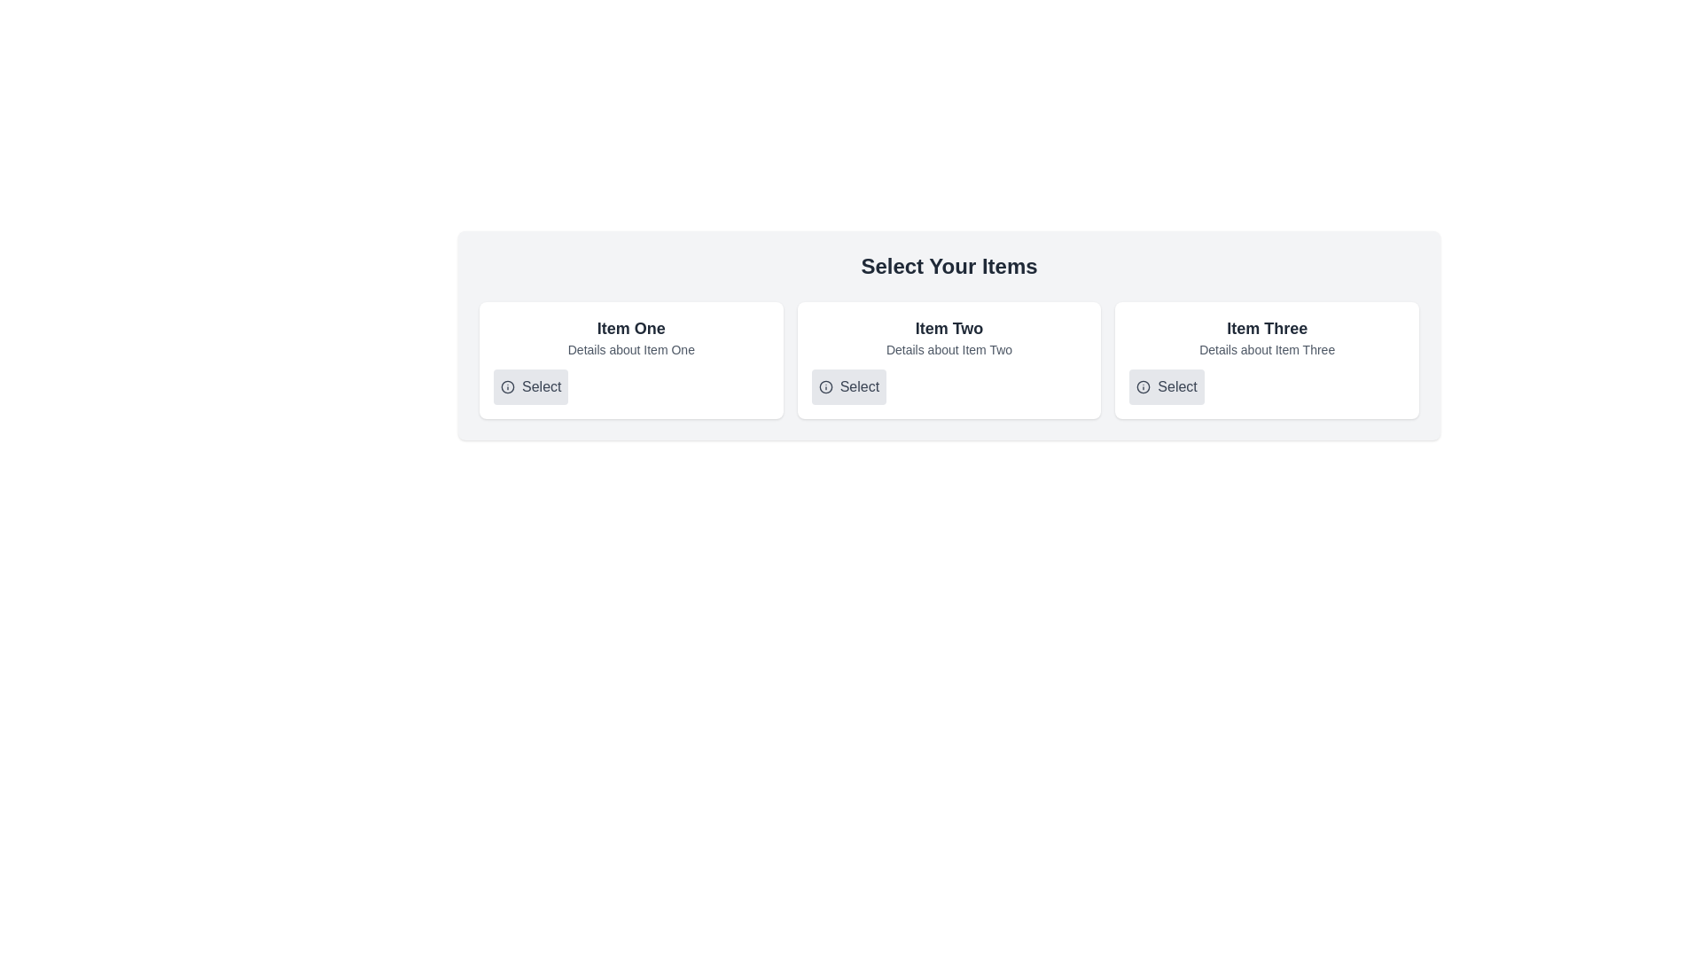  What do you see at coordinates (506, 385) in the screenshot?
I see `the circular SVG graphical icon component with a stroke outline, located adjacent to the 'Select' button under 'Item One'` at bounding box center [506, 385].